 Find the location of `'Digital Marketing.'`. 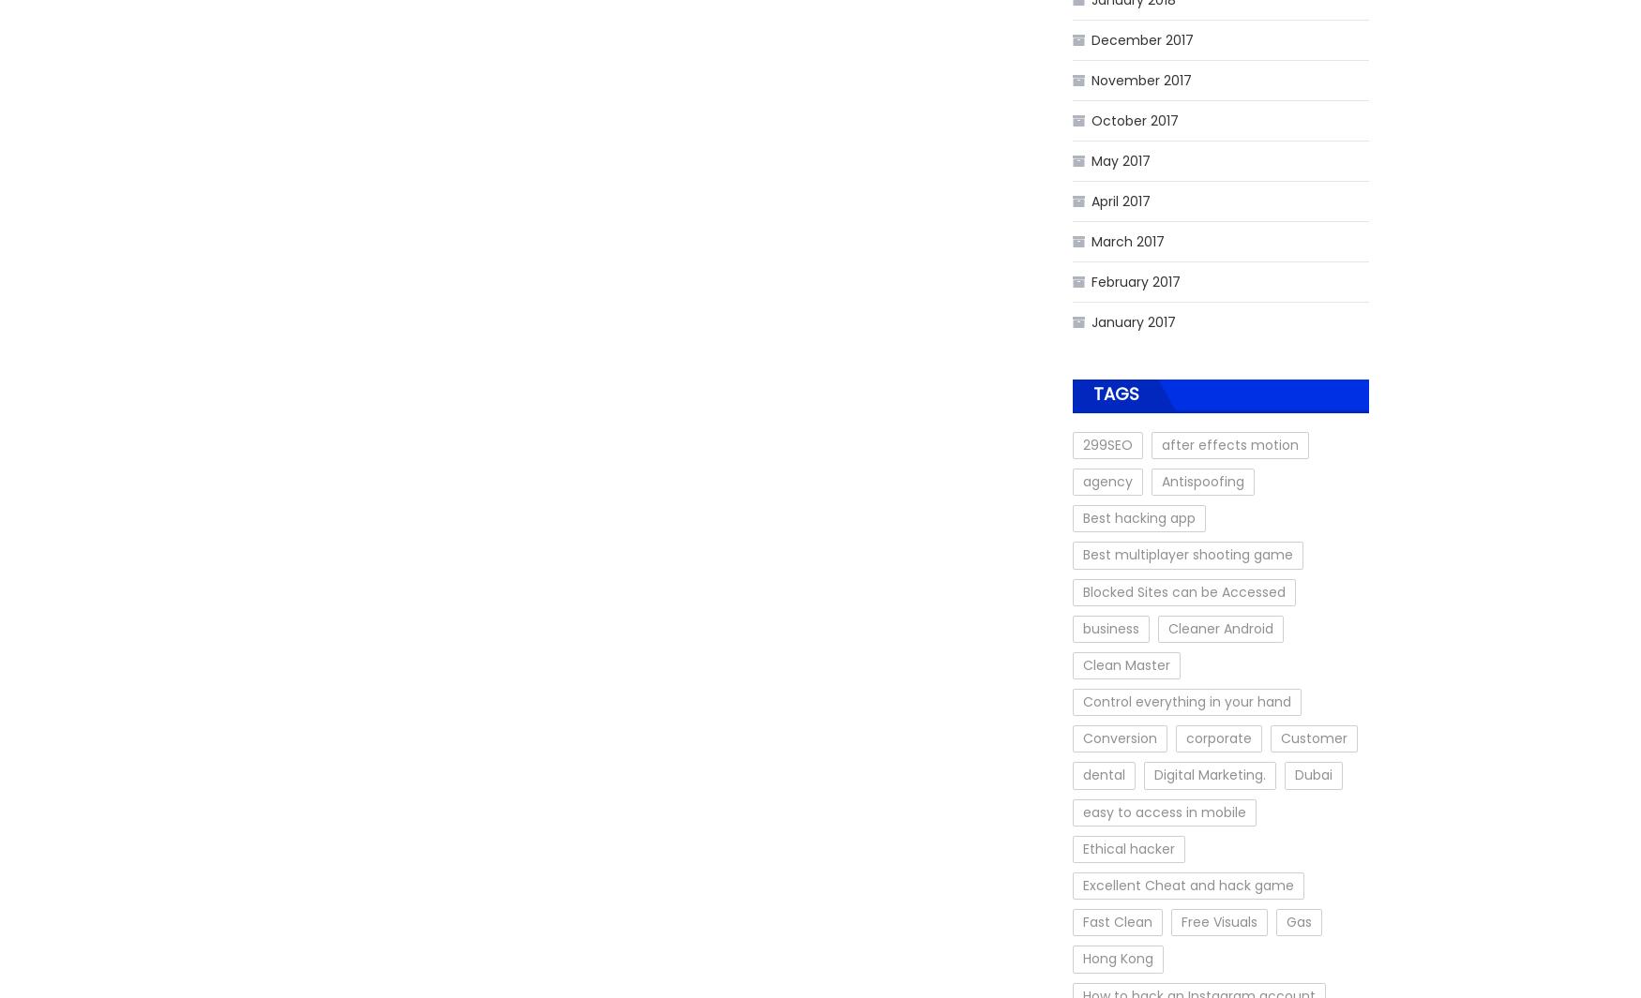

'Digital Marketing.' is located at coordinates (1153, 774).